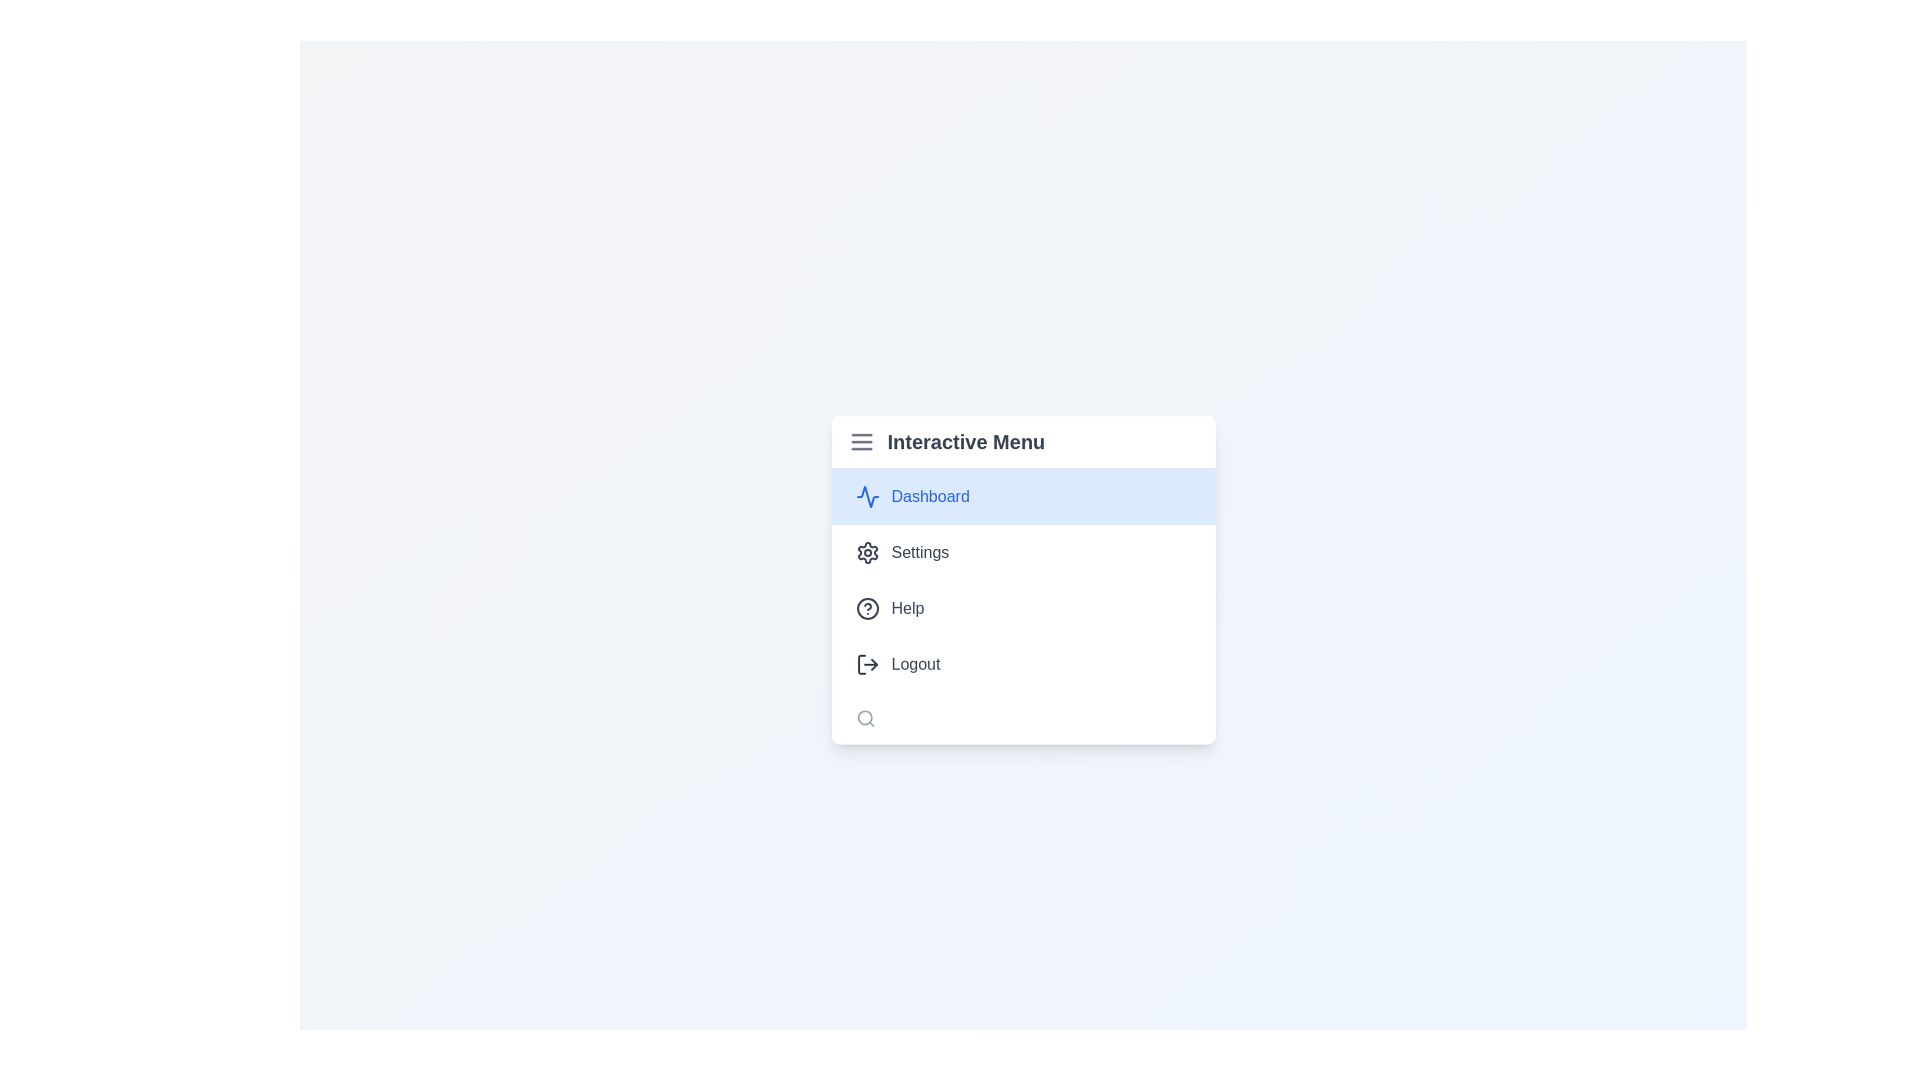 Image resolution: width=1918 pixels, height=1078 pixels. I want to click on the visual representation of the logout icon located to the left of the 'Logout' button in the vertical list, so click(867, 664).